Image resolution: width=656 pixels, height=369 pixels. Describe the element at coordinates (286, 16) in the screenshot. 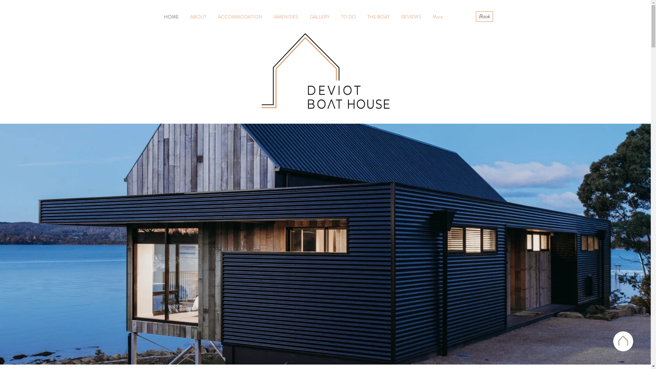

I see `'AMENITIES'` at that location.